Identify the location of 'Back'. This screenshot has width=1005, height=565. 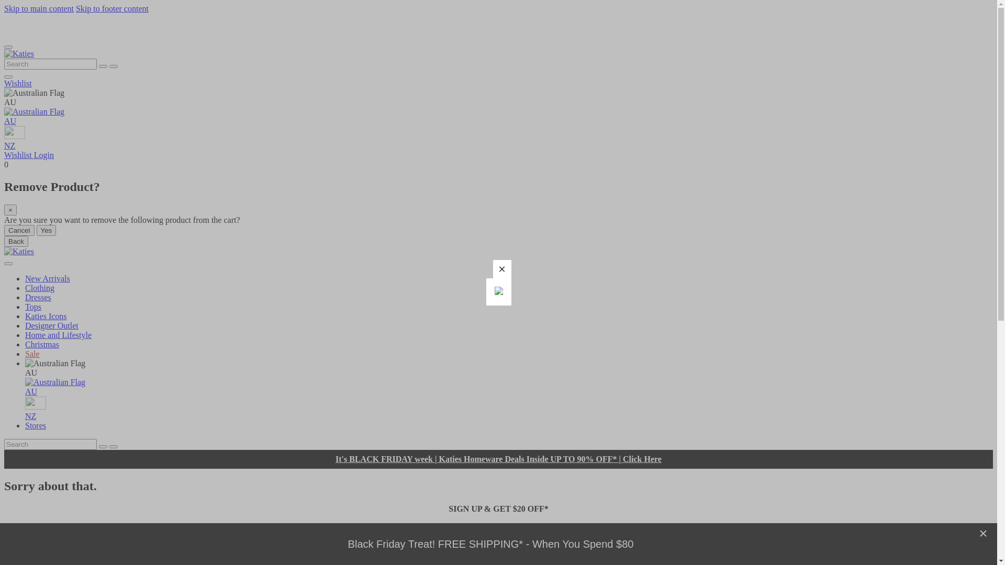
(16, 241).